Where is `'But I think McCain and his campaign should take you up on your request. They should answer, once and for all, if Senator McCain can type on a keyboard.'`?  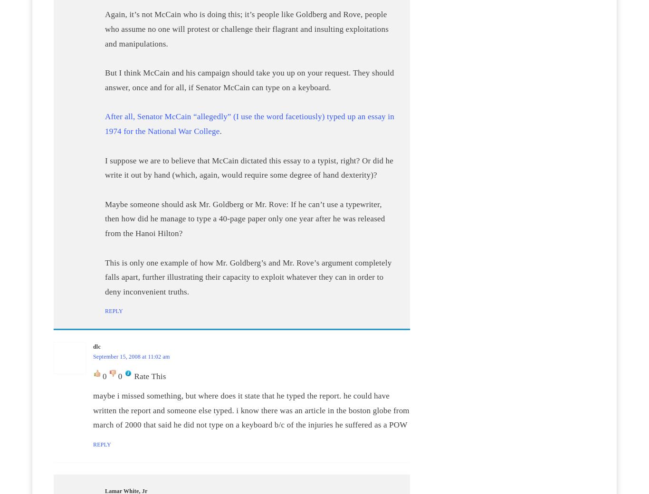
'But I think McCain and his campaign should take you up on your request. They should answer, once and for all, if Senator McCain can type on a keyboard.' is located at coordinates (105, 80).